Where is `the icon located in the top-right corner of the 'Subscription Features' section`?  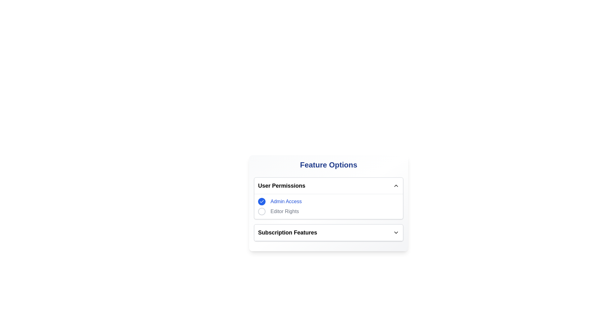
the icon located in the top-right corner of the 'Subscription Features' section is located at coordinates (396, 232).